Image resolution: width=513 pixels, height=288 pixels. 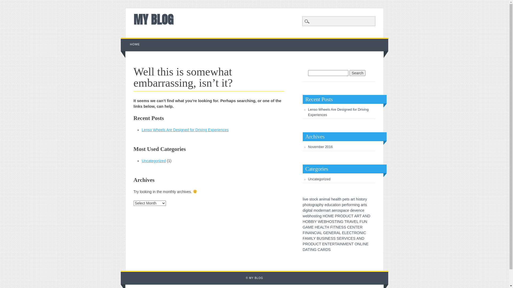 What do you see at coordinates (353, 210) in the screenshot?
I see `'e'` at bounding box center [353, 210].